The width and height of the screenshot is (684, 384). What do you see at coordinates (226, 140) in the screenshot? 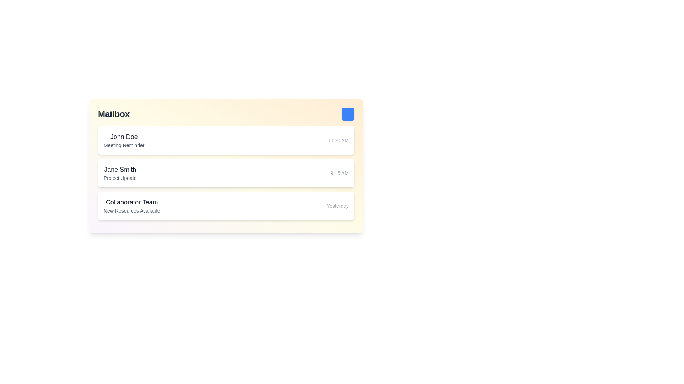
I see `the mail item corresponding to John Doe - Meeting Reminder to view its details` at bounding box center [226, 140].